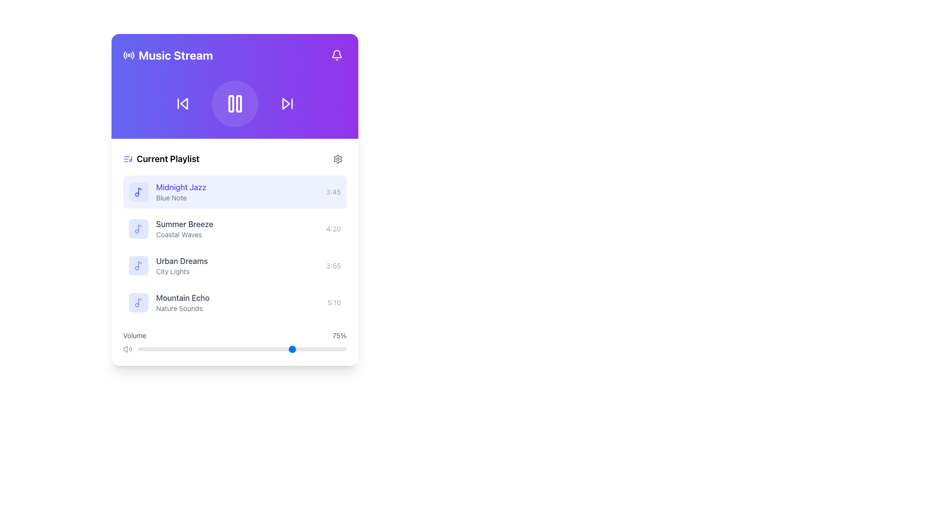 This screenshot has width=931, height=524. I want to click on the volume slider, so click(154, 349).